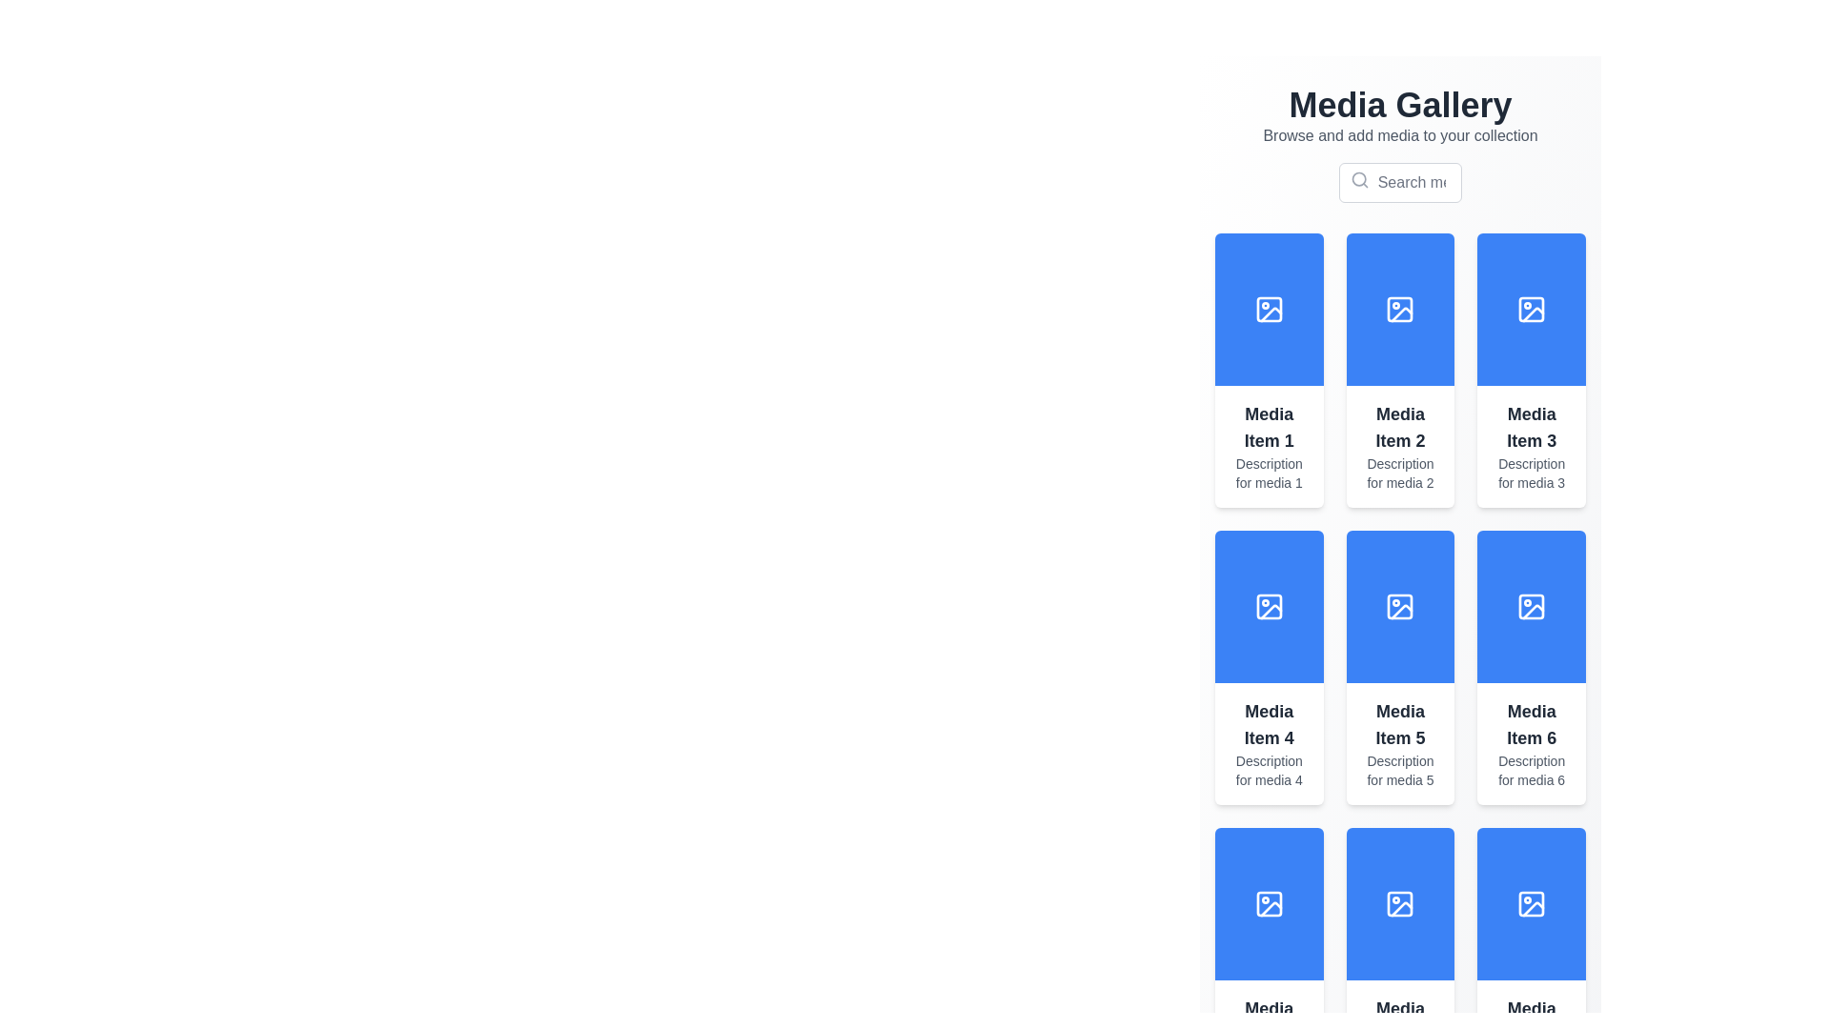 This screenshot has width=1830, height=1029. Describe the element at coordinates (1532, 308) in the screenshot. I see `the decorative element with a blue background and white minimalist image representation, located in the first row, third column of media items, above 'Media Item 3' and its description` at that location.